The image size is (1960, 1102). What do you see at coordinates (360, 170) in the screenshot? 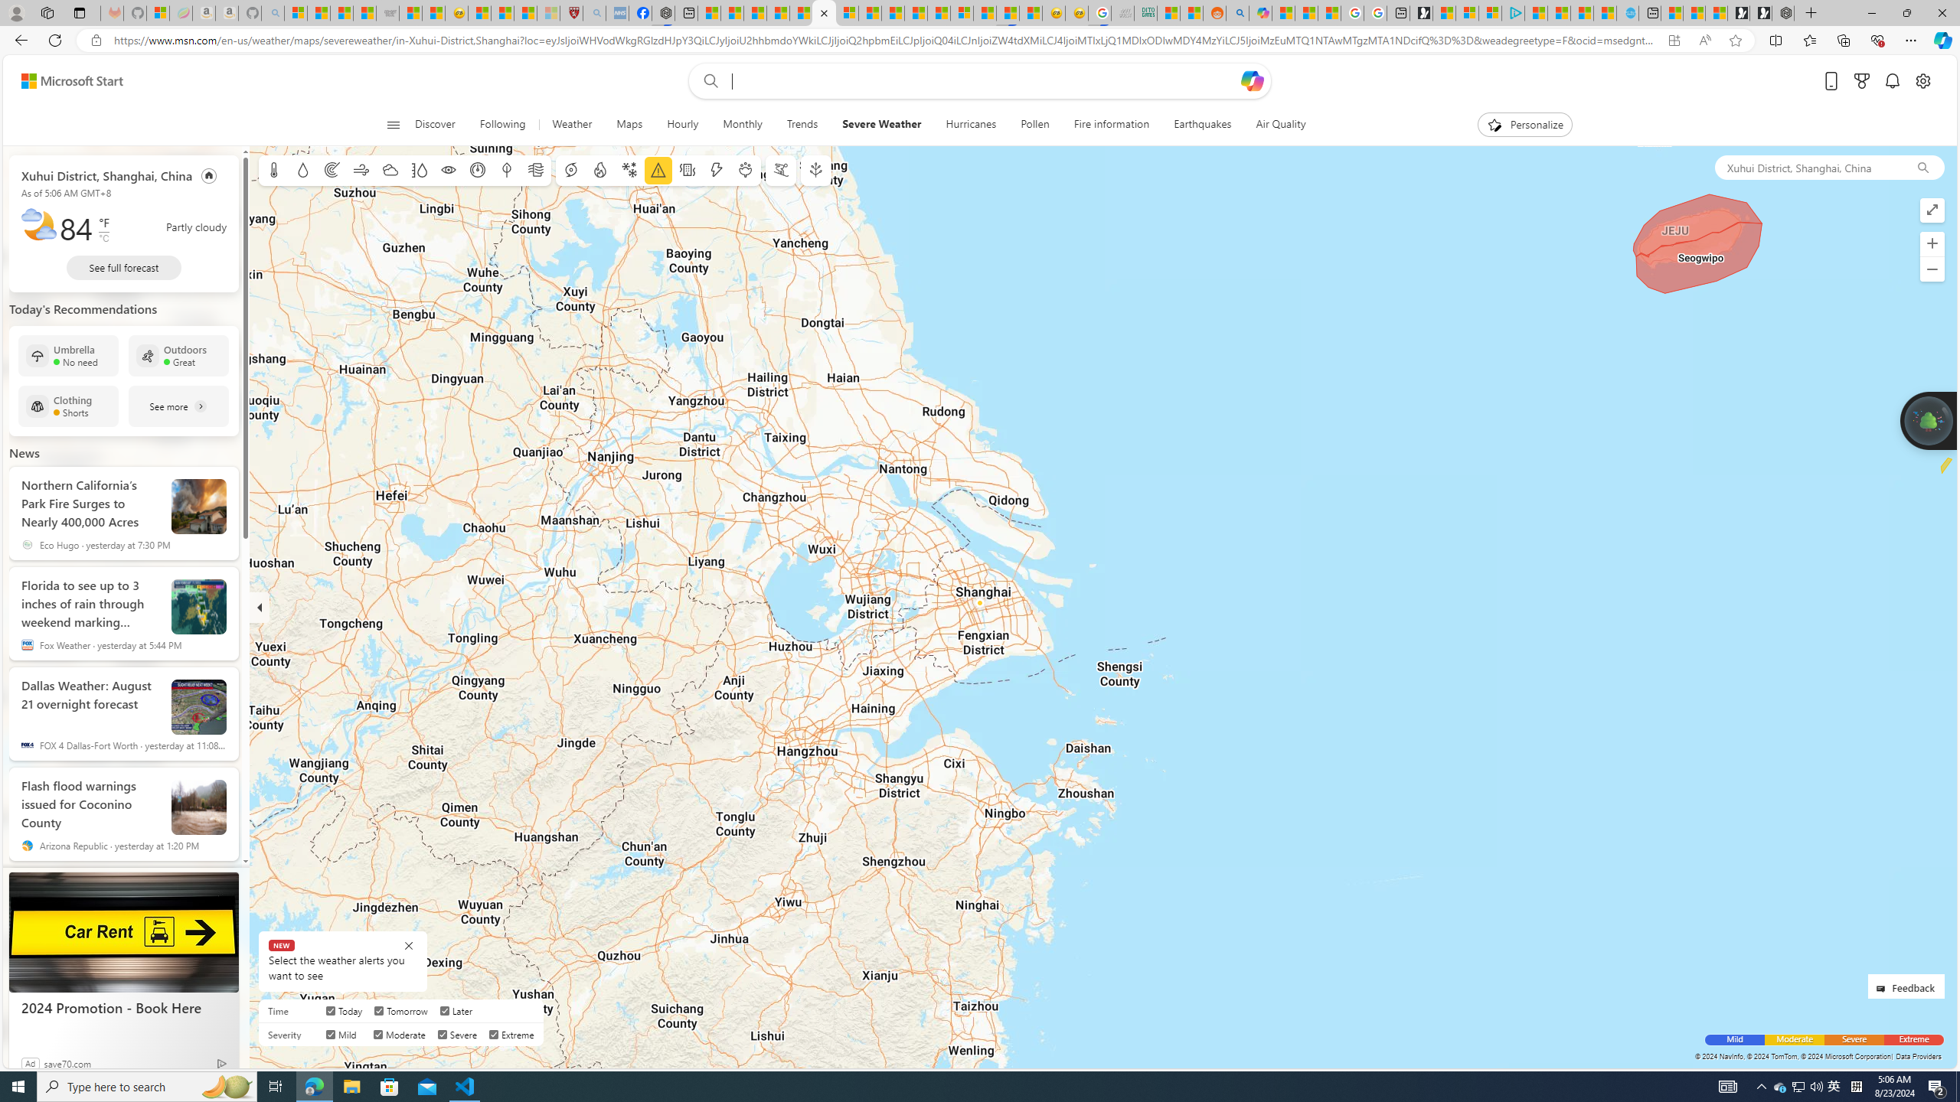
I see `'Wind'` at bounding box center [360, 170].